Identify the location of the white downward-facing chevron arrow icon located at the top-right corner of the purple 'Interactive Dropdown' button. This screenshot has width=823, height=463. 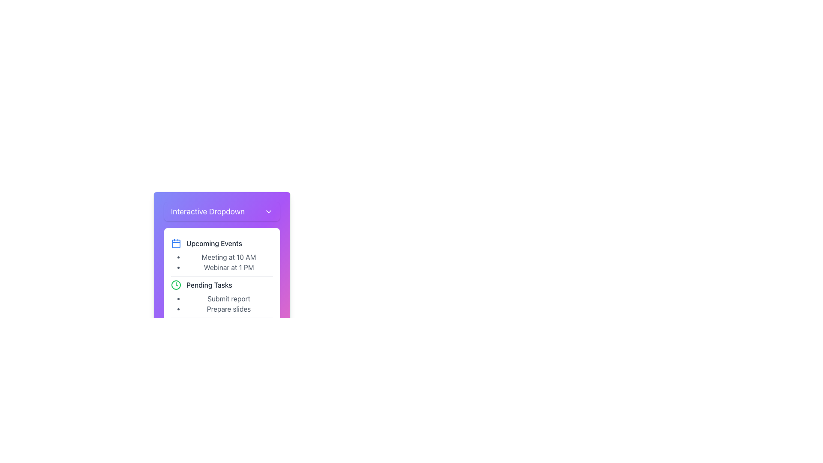
(268, 211).